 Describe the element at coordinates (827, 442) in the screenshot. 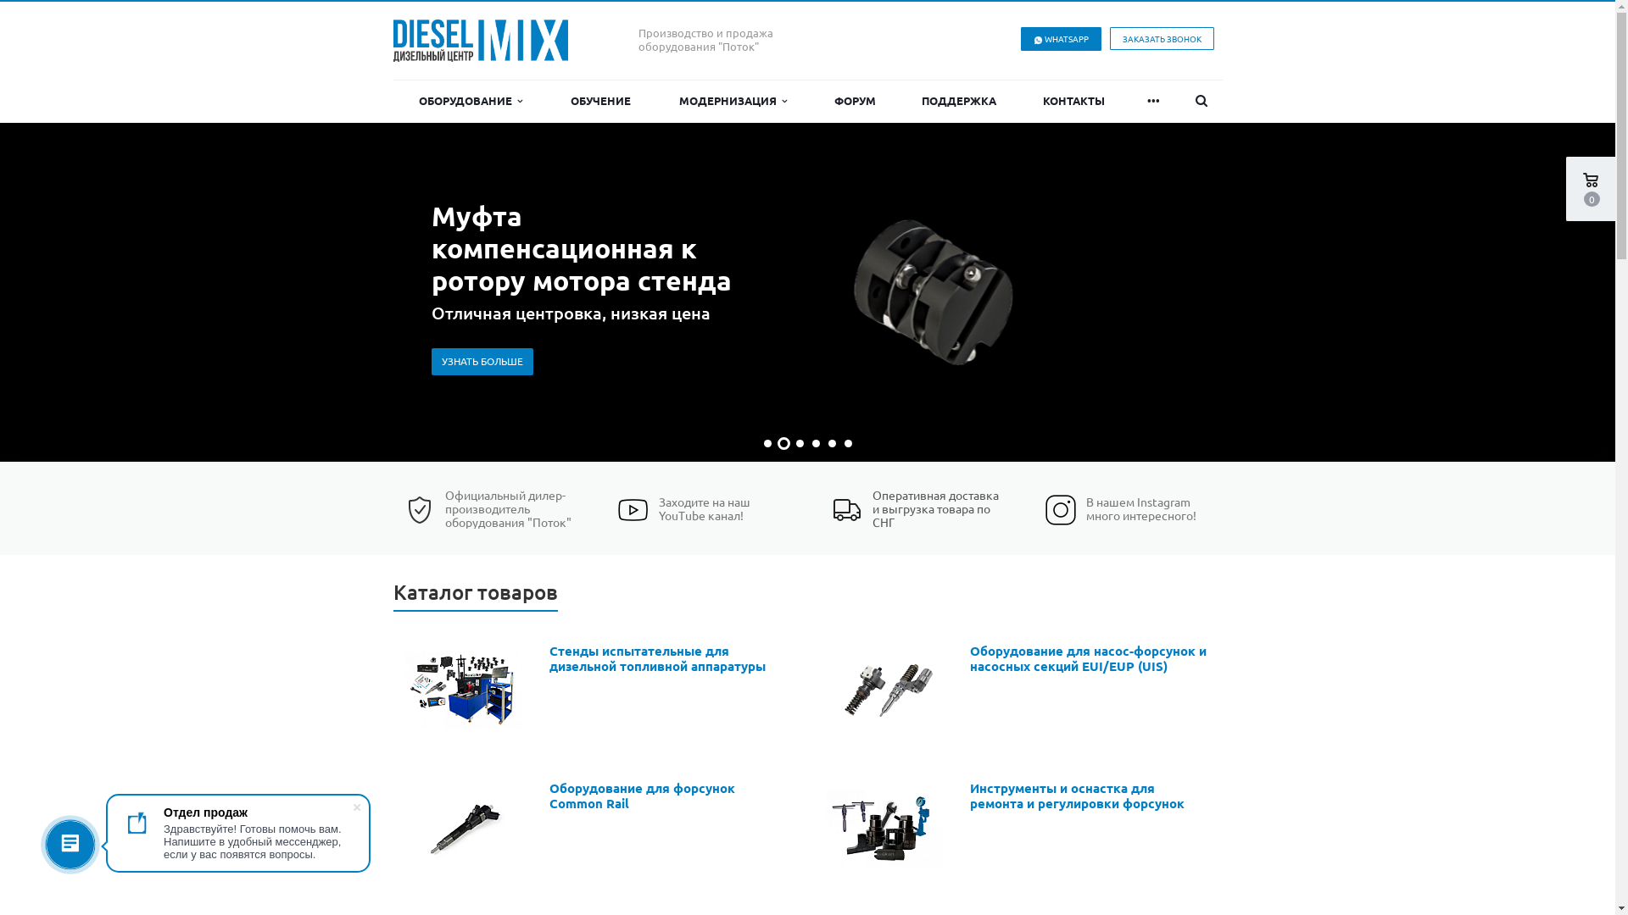

I see `'5'` at that location.